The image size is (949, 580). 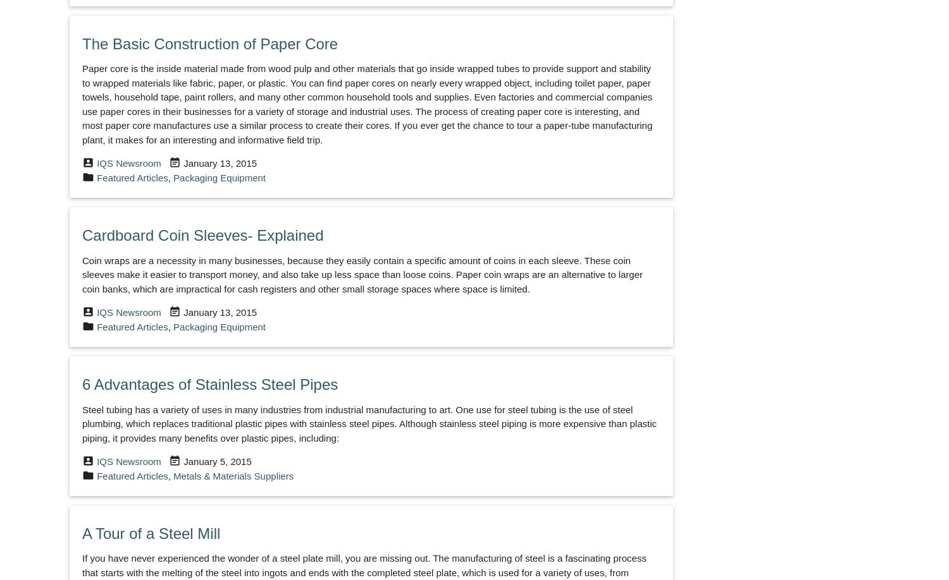 What do you see at coordinates (783, 556) in the screenshot?
I see `'Recycling Equipment'` at bounding box center [783, 556].